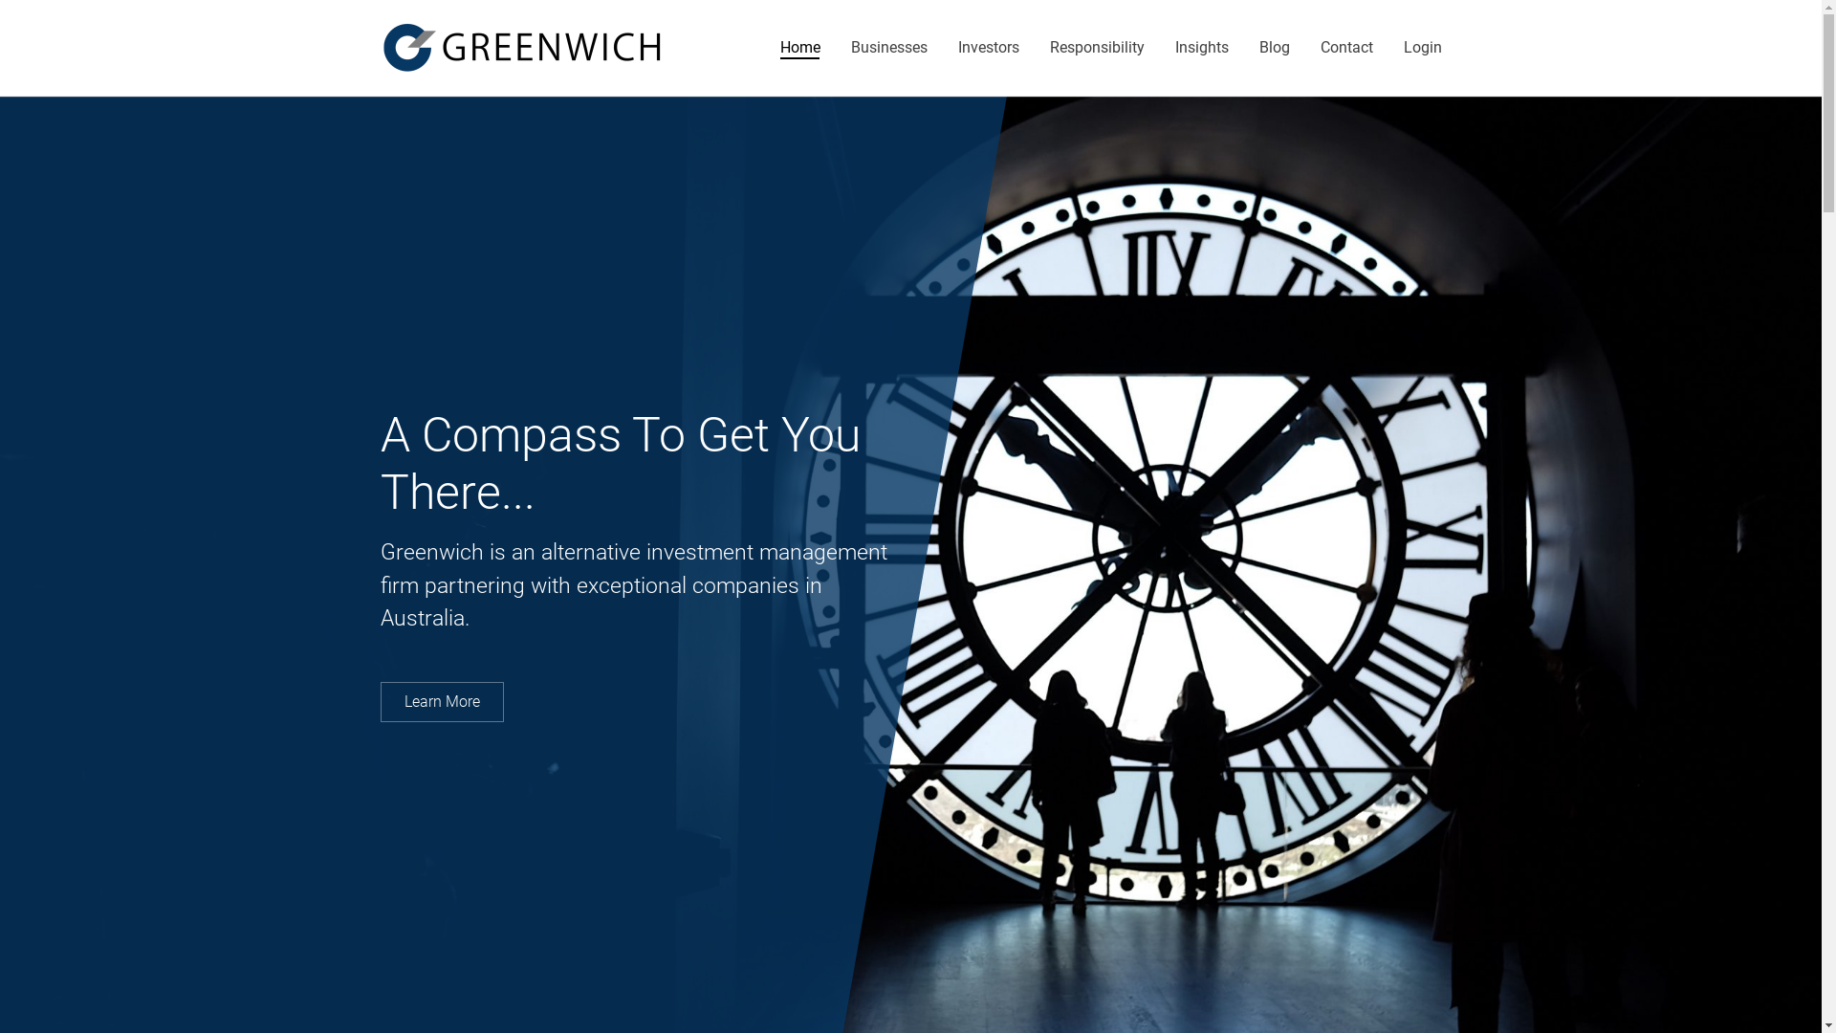 The width and height of the screenshot is (1836, 1033). I want to click on 'Blog', so click(1257, 47).